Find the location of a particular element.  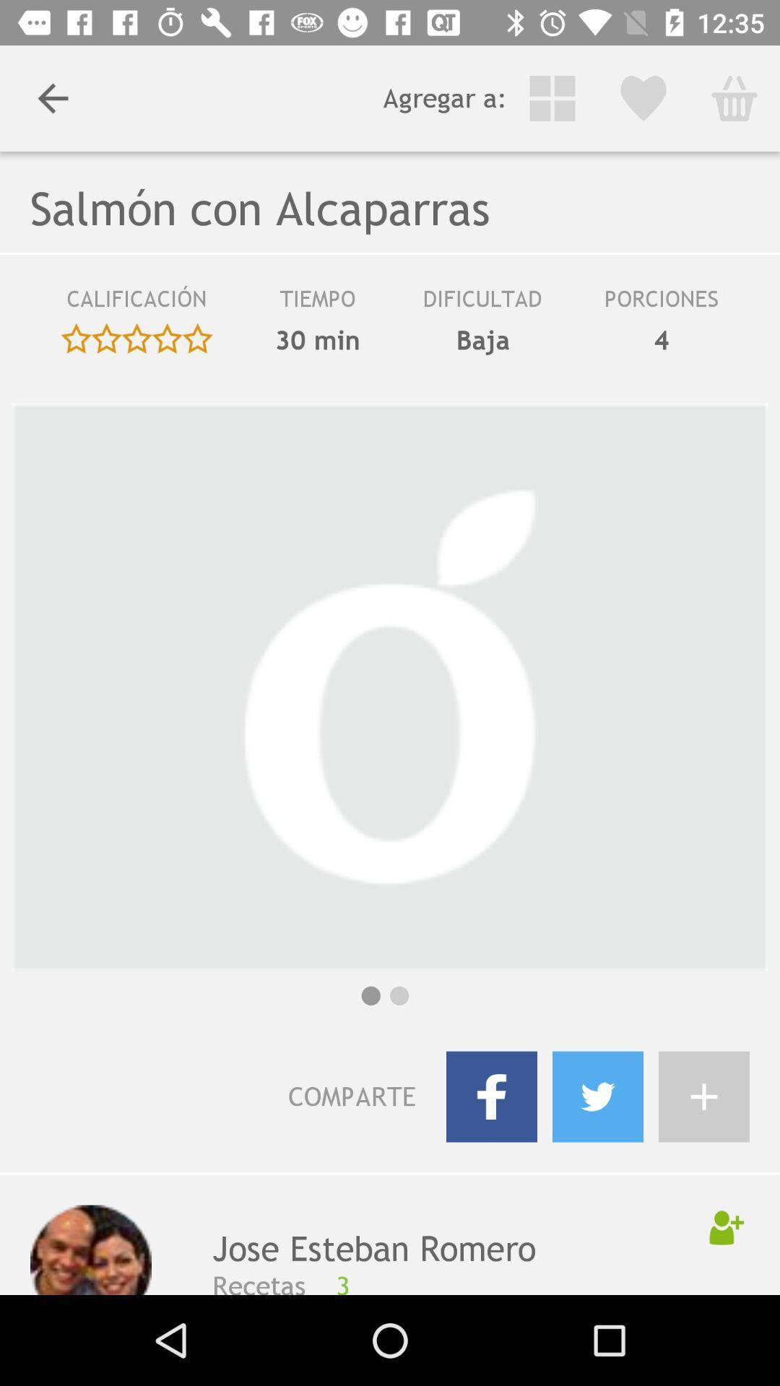

user is located at coordinates (727, 1226).